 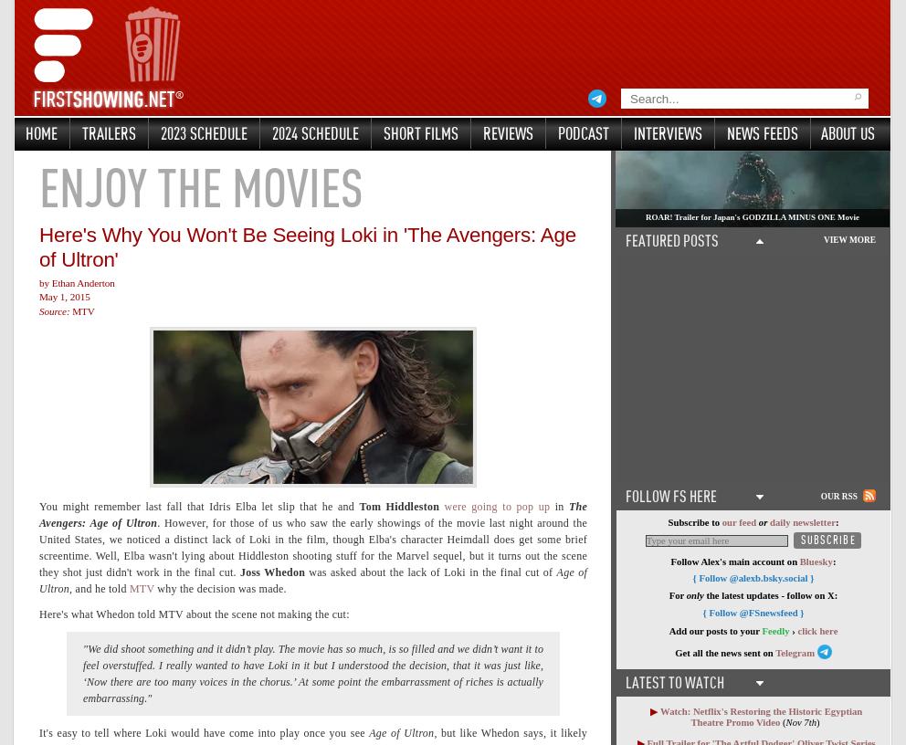 What do you see at coordinates (38, 282) in the screenshot?
I see `'by'` at bounding box center [38, 282].